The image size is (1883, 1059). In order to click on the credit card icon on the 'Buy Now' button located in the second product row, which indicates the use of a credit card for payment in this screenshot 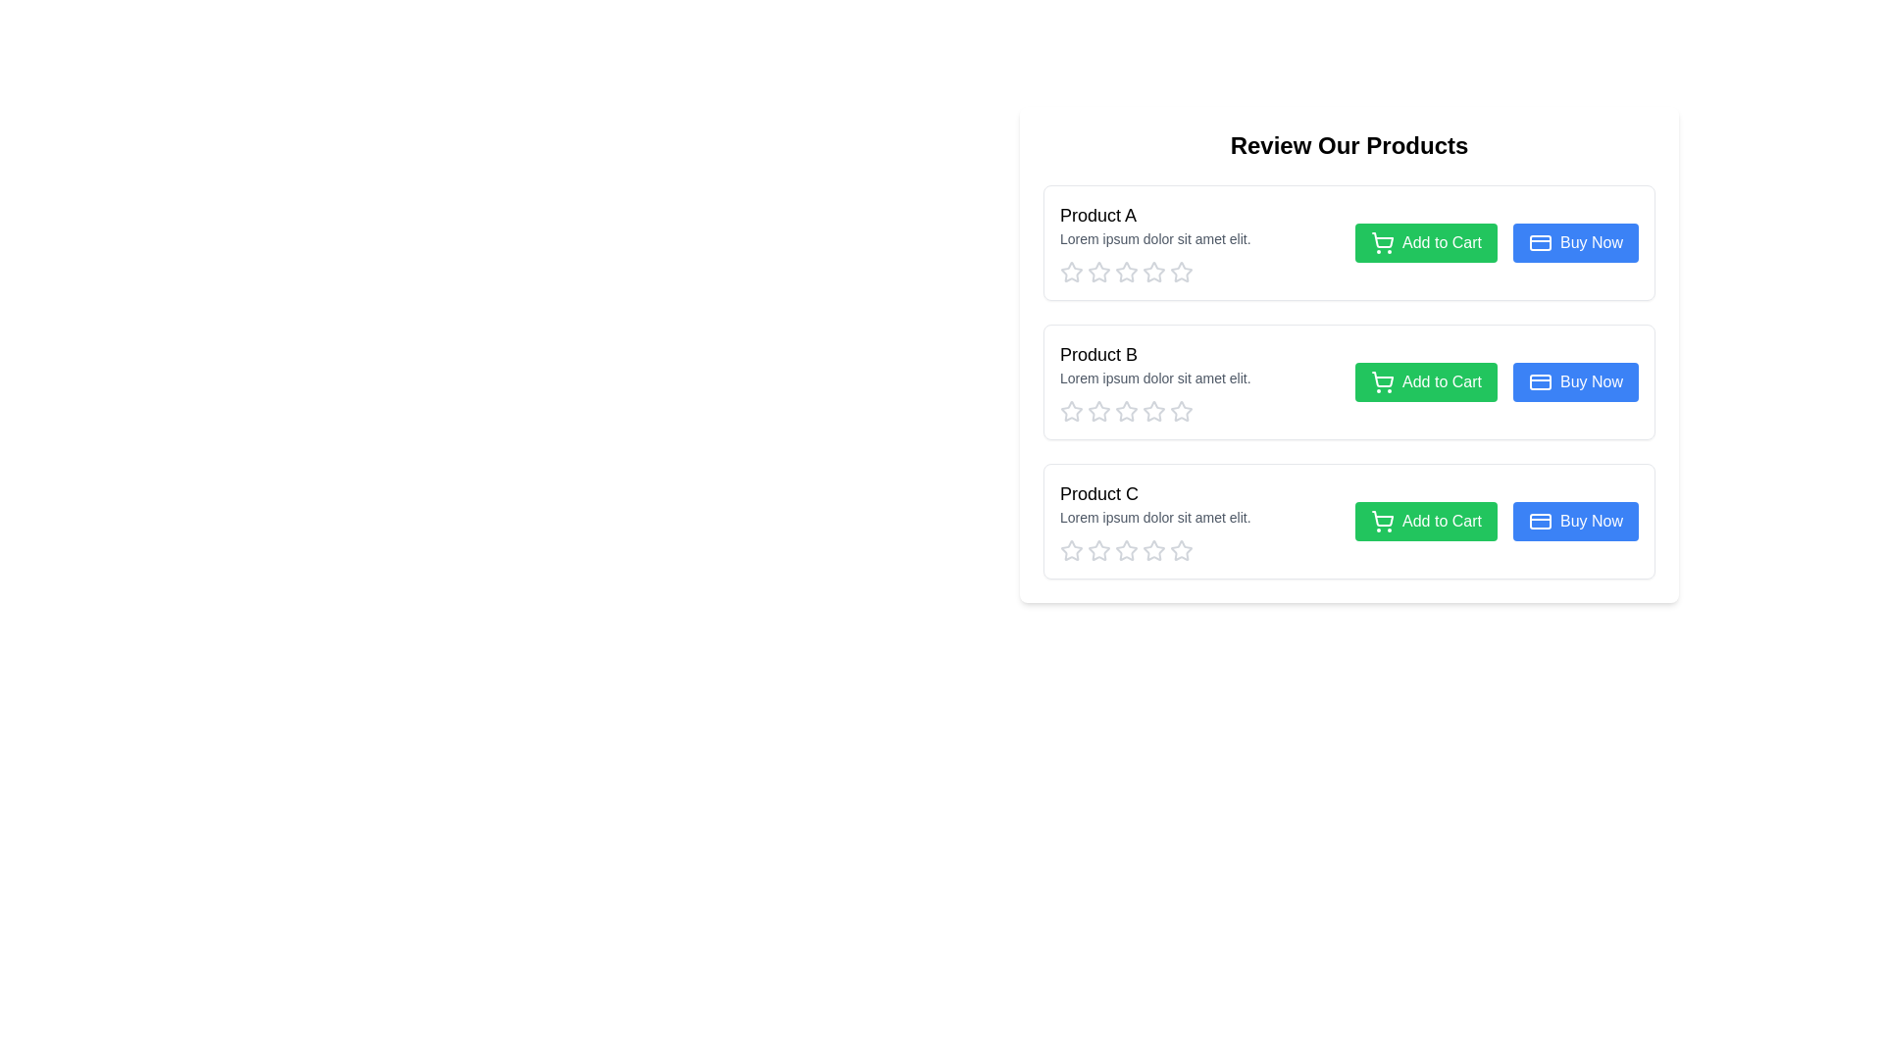, I will do `click(1539, 381)`.